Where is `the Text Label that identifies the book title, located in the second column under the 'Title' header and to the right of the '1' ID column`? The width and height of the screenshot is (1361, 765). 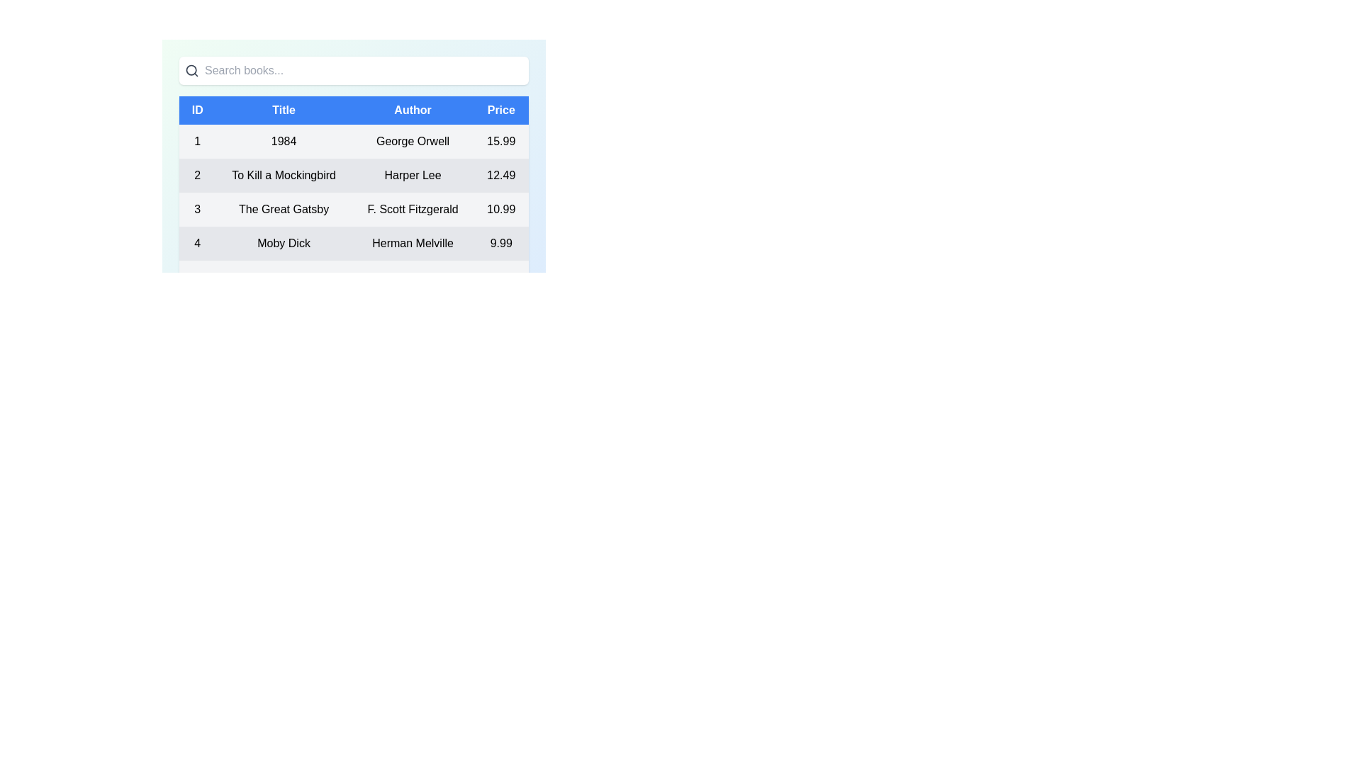
the Text Label that identifies the book title, located in the second column under the 'Title' header and to the right of the '1' ID column is located at coordinates (284, 142).